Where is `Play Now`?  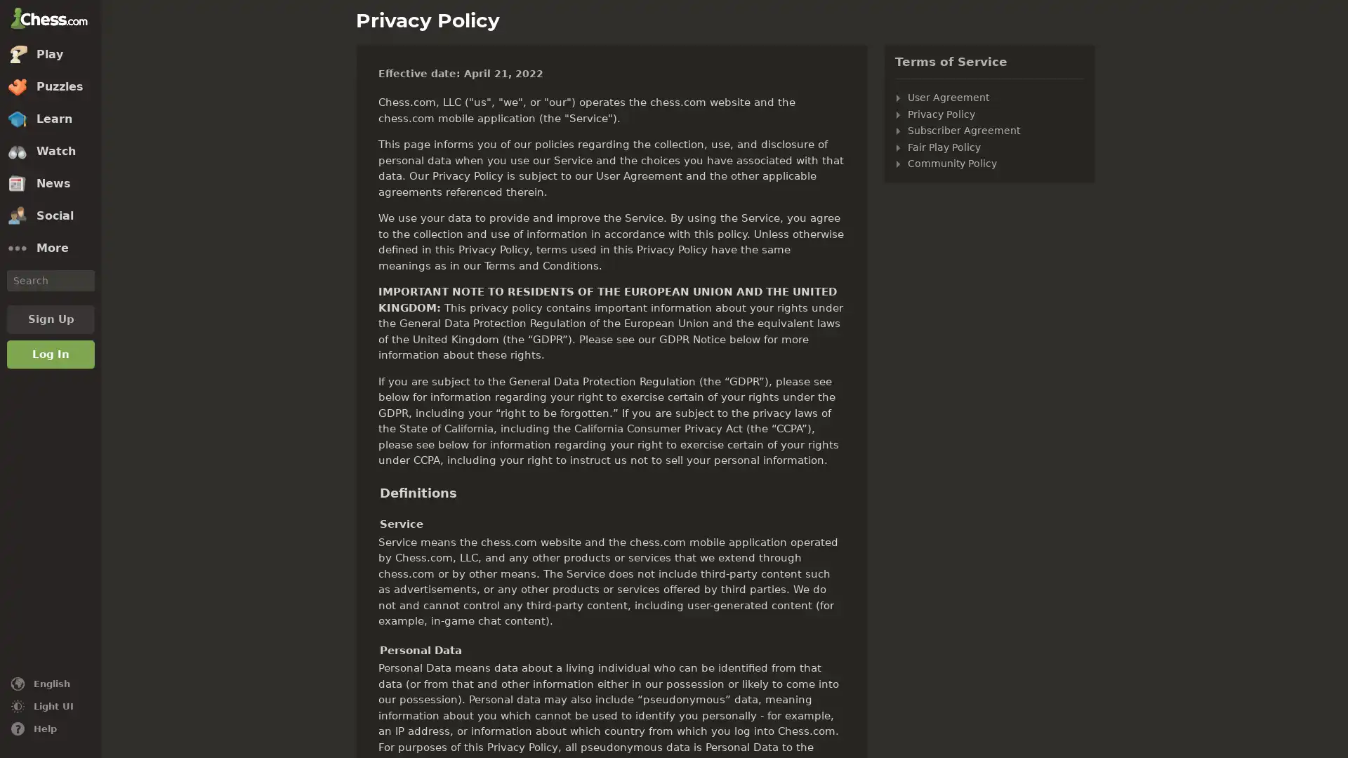
Play Now is located at coordinates (676, 707).